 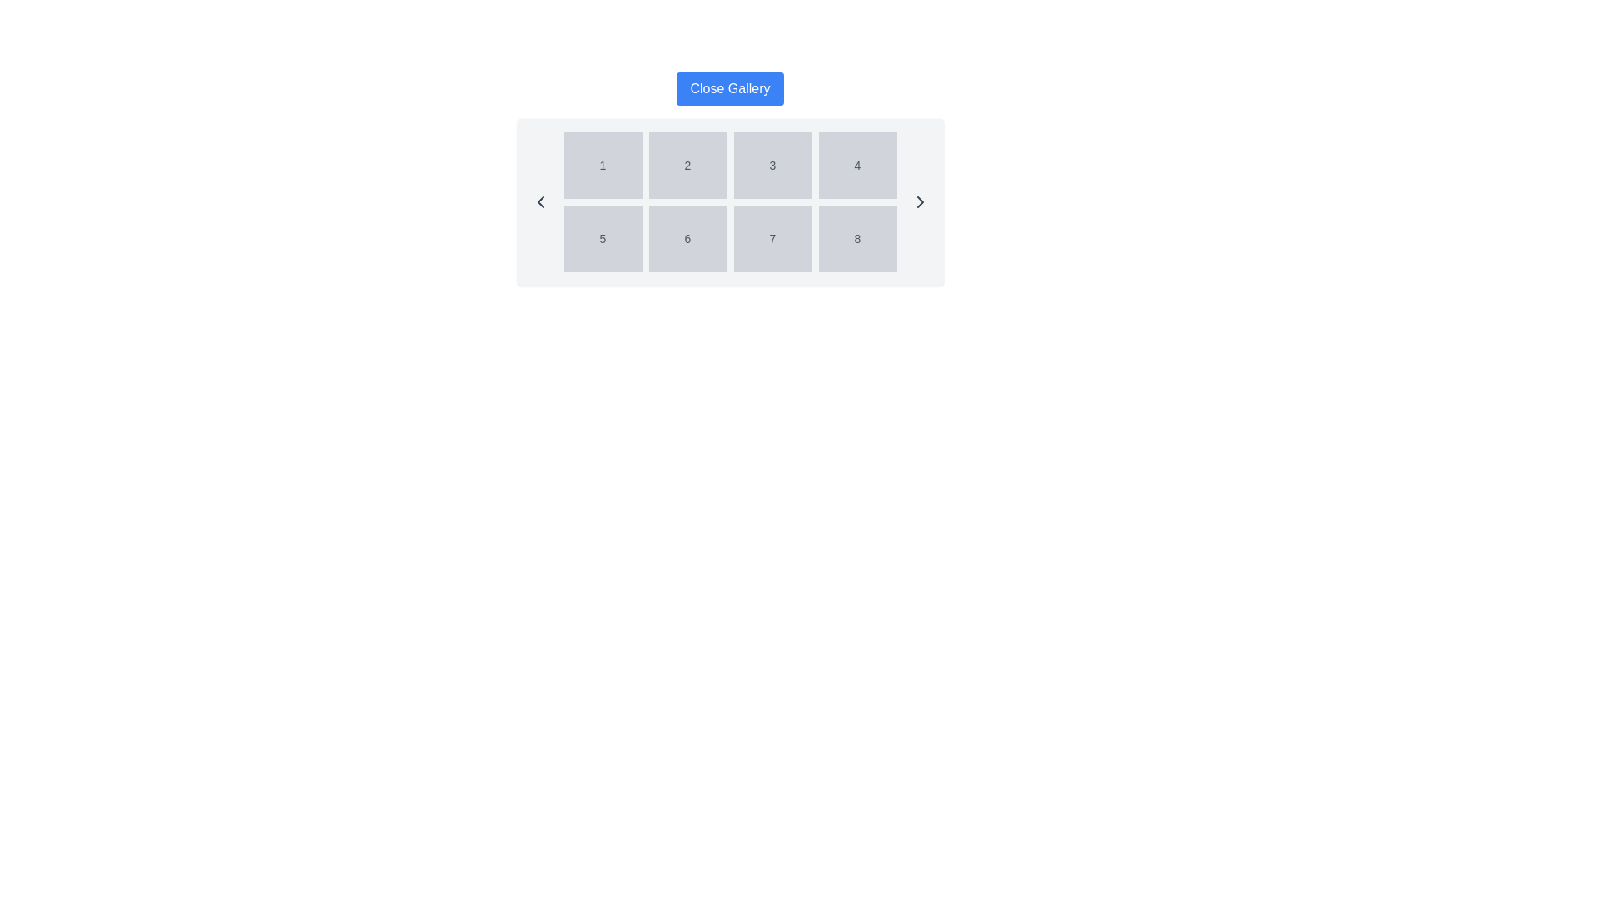 What do you see at coordinates (687, 238) in the screenshot?
I see `the button labeled '6' located in the second row, second column of a 2x4 grid` at bounding box center [687, 238].